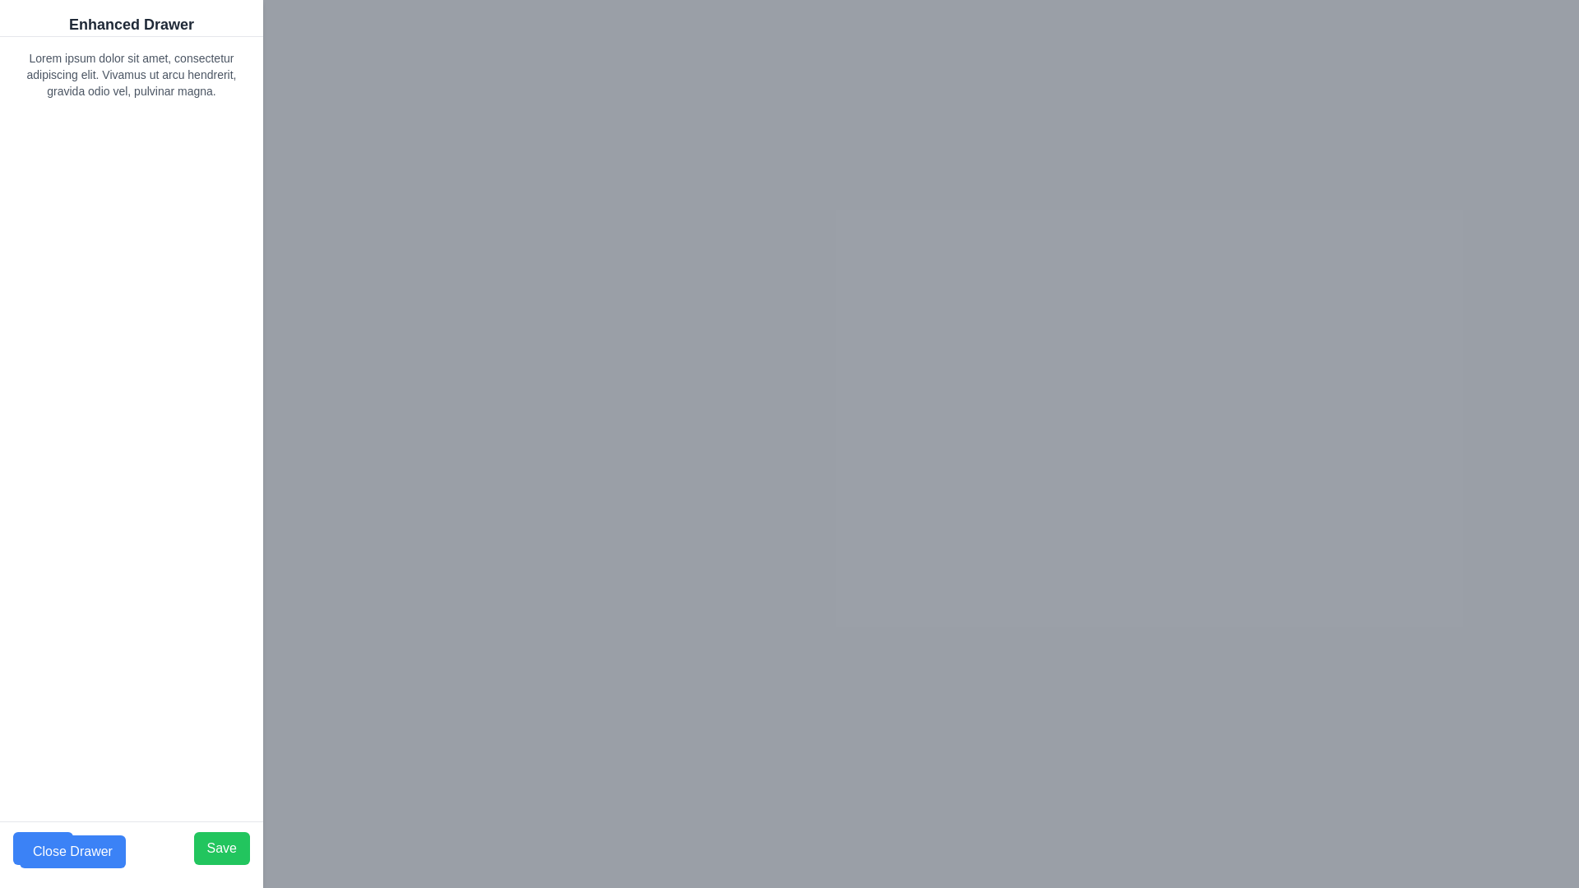 Image resolution: width=1579 pixels, height=888 pixels. I want to click on the close button located on the left side of the horizontal toolbar at the bottom of the interface, so click(43, 849).